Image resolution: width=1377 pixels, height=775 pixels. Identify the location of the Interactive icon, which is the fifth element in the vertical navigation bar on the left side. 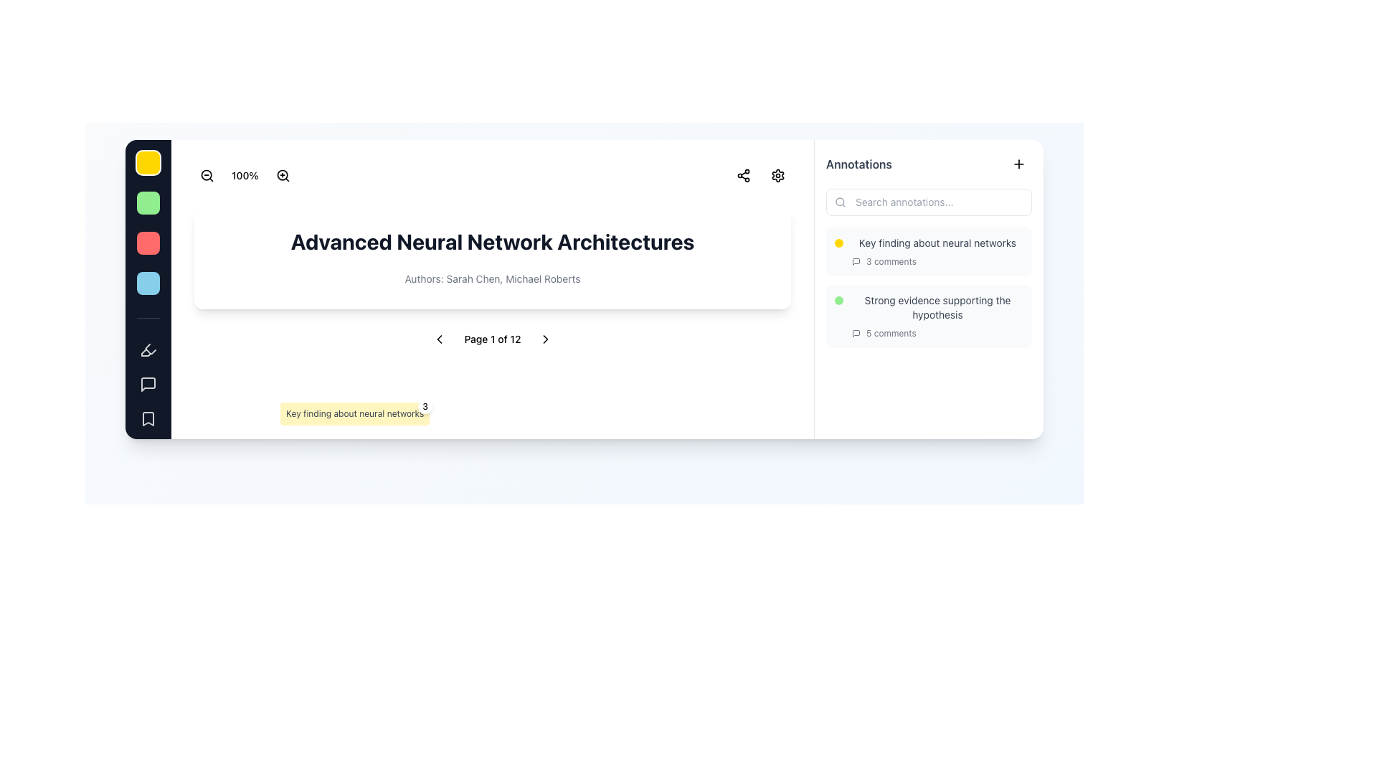
(148, 350).